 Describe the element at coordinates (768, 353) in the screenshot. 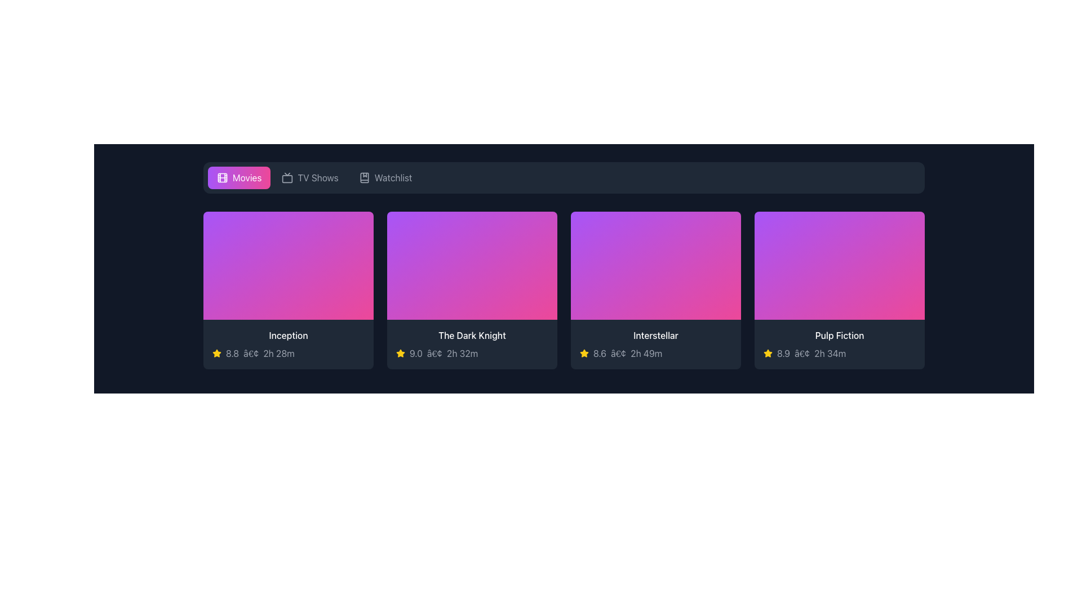

I see `the star-shaped icon with a yellow fill, which indicates ratings and is positioned next to the rating value '8.9' beneath the 'Pulp Fiction' title` at that location.